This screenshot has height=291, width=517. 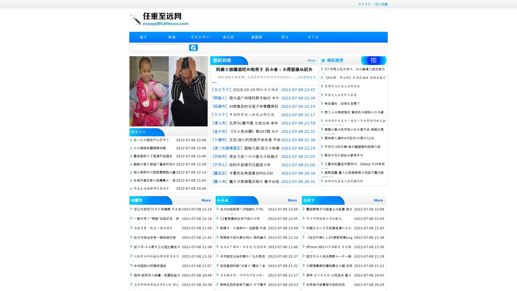 What do you see at coordinates (193, 47) in the screenshot?
I see `Search` at bounding box center [193, 47].